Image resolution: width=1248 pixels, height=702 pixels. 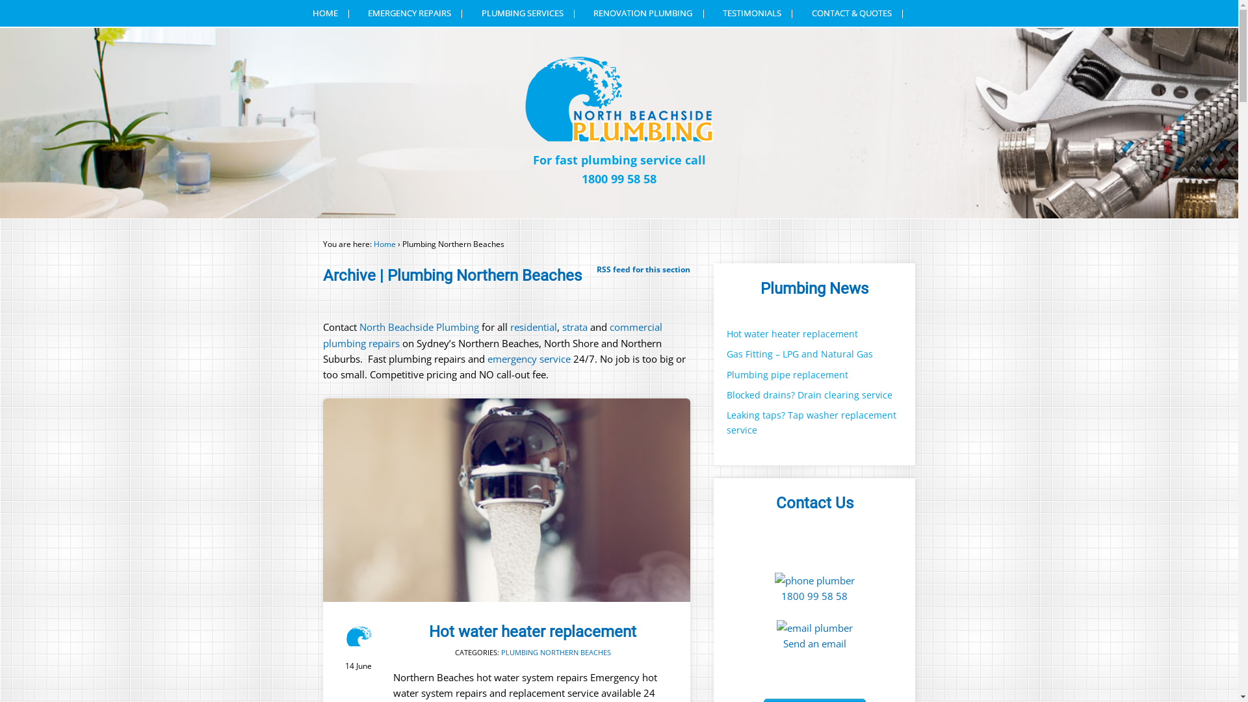 What do you see at coordinates (813, 596) in the screenshot?
I see `'1800 99 58 58'` at bounding box center [813, 596].